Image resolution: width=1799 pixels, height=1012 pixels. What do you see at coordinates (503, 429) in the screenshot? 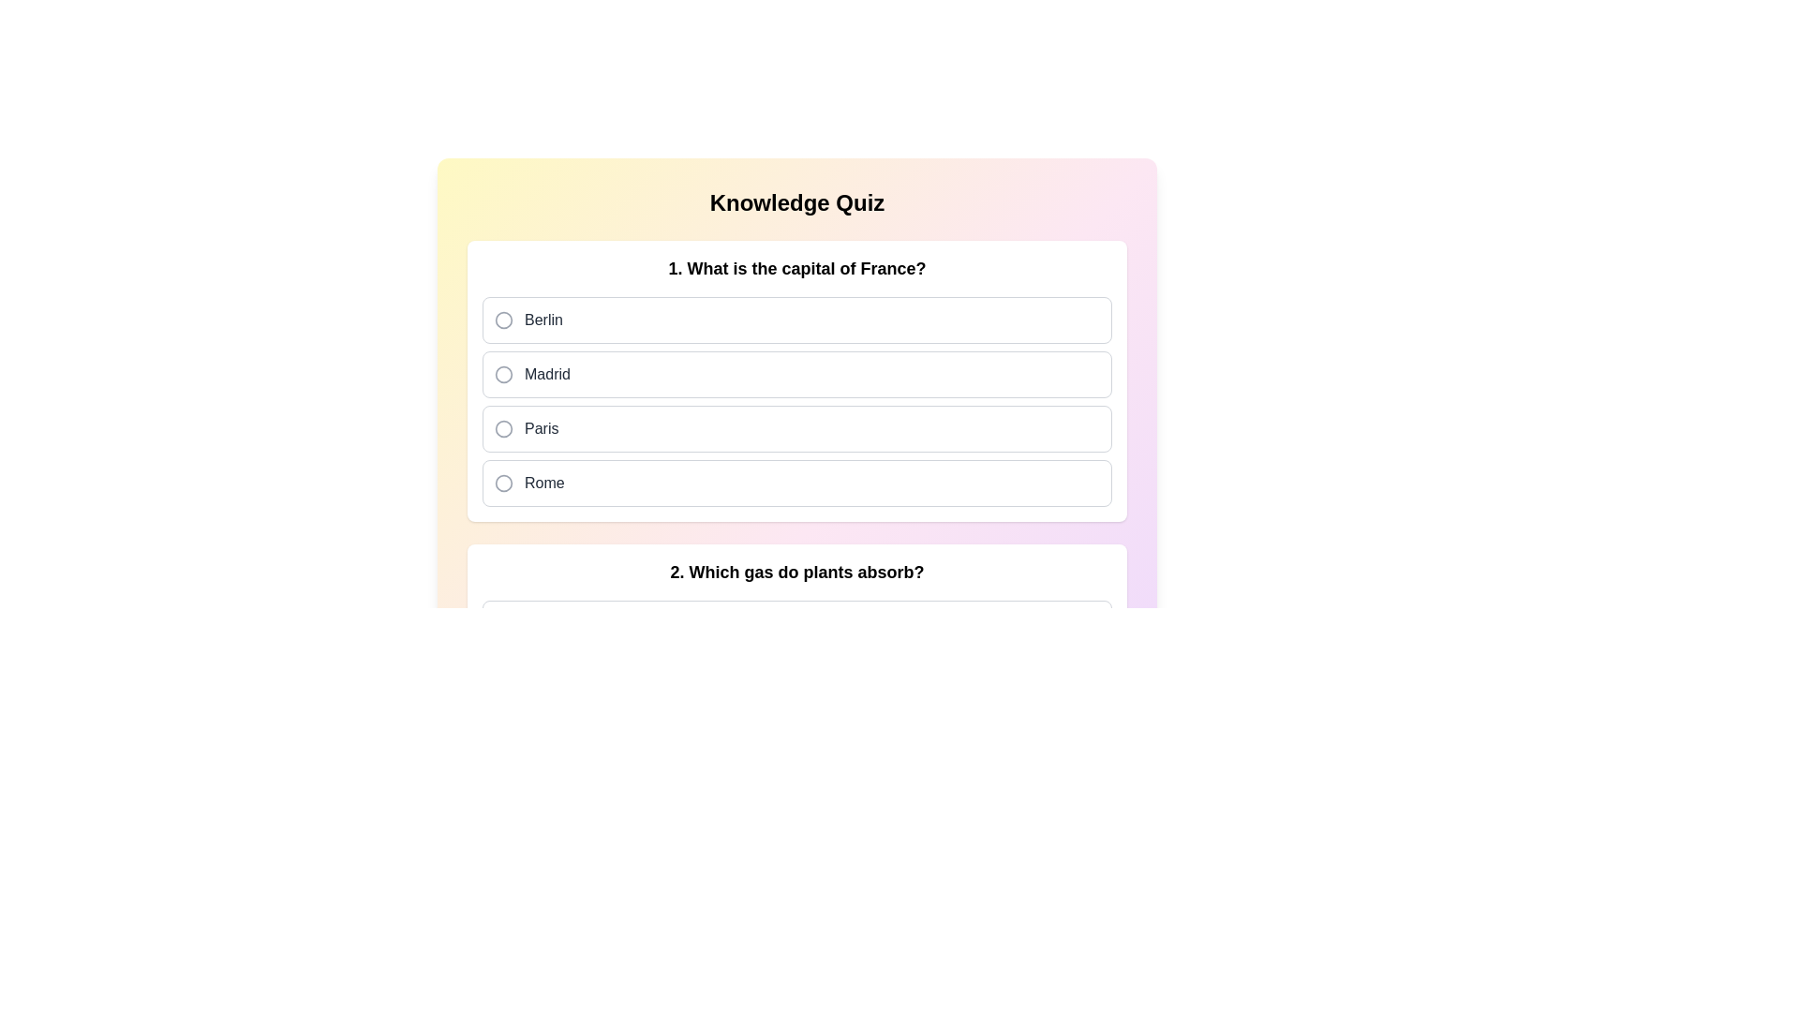
I see `the radio button indicator for the answer option 'Paris' which indicates that this option is currently selected` at bounding box center [503, 429].